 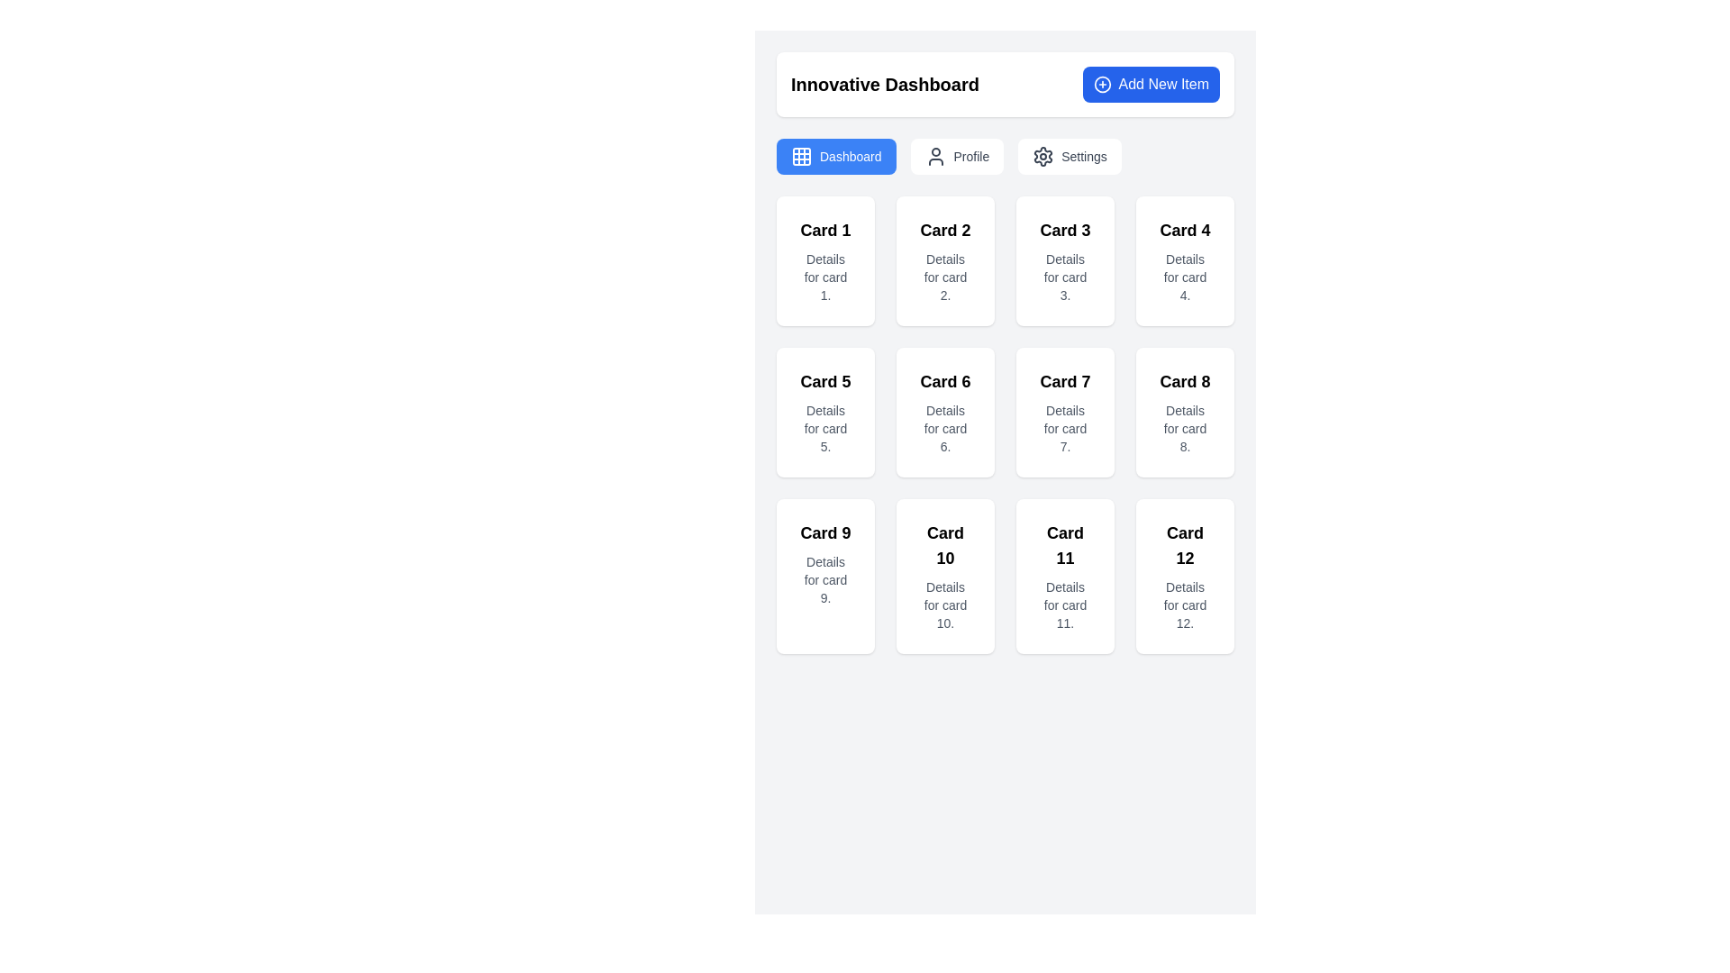 What do you see at coordinates (1065, 229) in the screenshot?
I see `the text label that serves as the title of 'Card 3', which helps users identify the card's content in the grid layout` at bounding box center [1065, 229].